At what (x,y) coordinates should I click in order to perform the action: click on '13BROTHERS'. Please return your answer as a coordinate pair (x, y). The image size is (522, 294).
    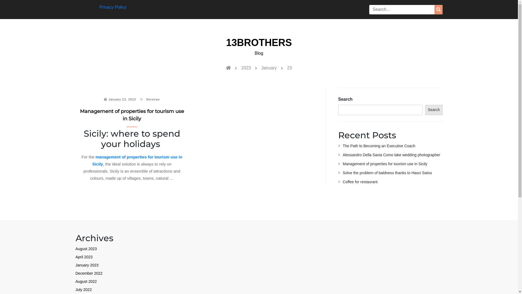
    Looking at the image, I should click on (258, 42).